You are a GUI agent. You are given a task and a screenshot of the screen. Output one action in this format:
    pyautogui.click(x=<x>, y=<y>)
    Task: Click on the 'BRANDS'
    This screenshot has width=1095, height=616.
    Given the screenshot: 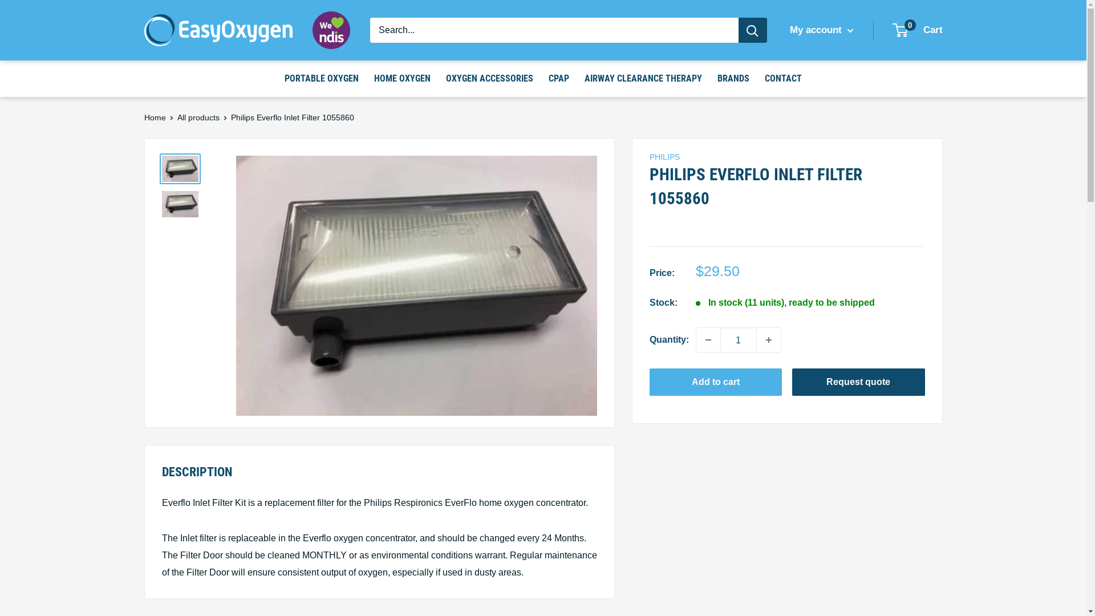 What is the action you would take?
    pyautogui.click(x=733, y=78)
    